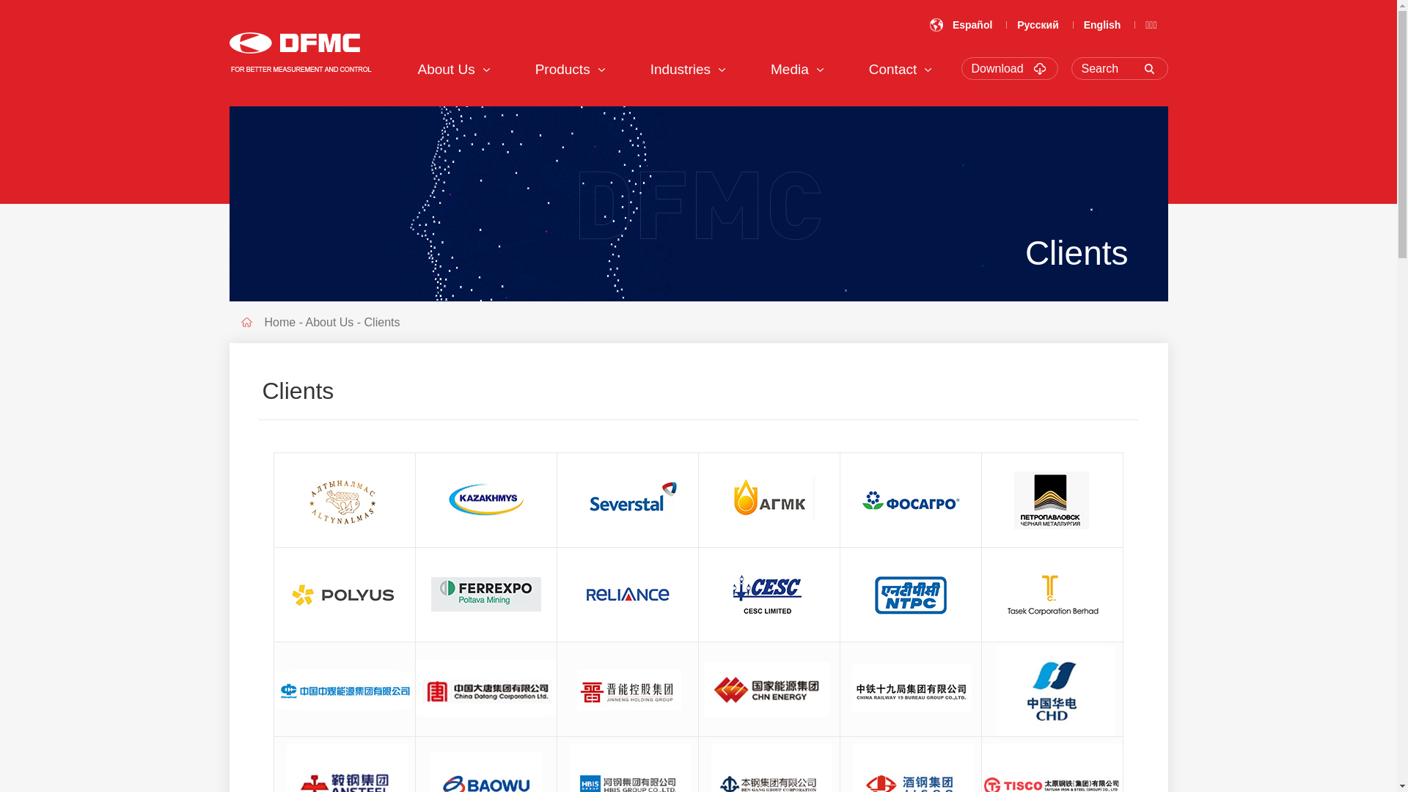  I want to click on 'Clients', so click(382, 321).